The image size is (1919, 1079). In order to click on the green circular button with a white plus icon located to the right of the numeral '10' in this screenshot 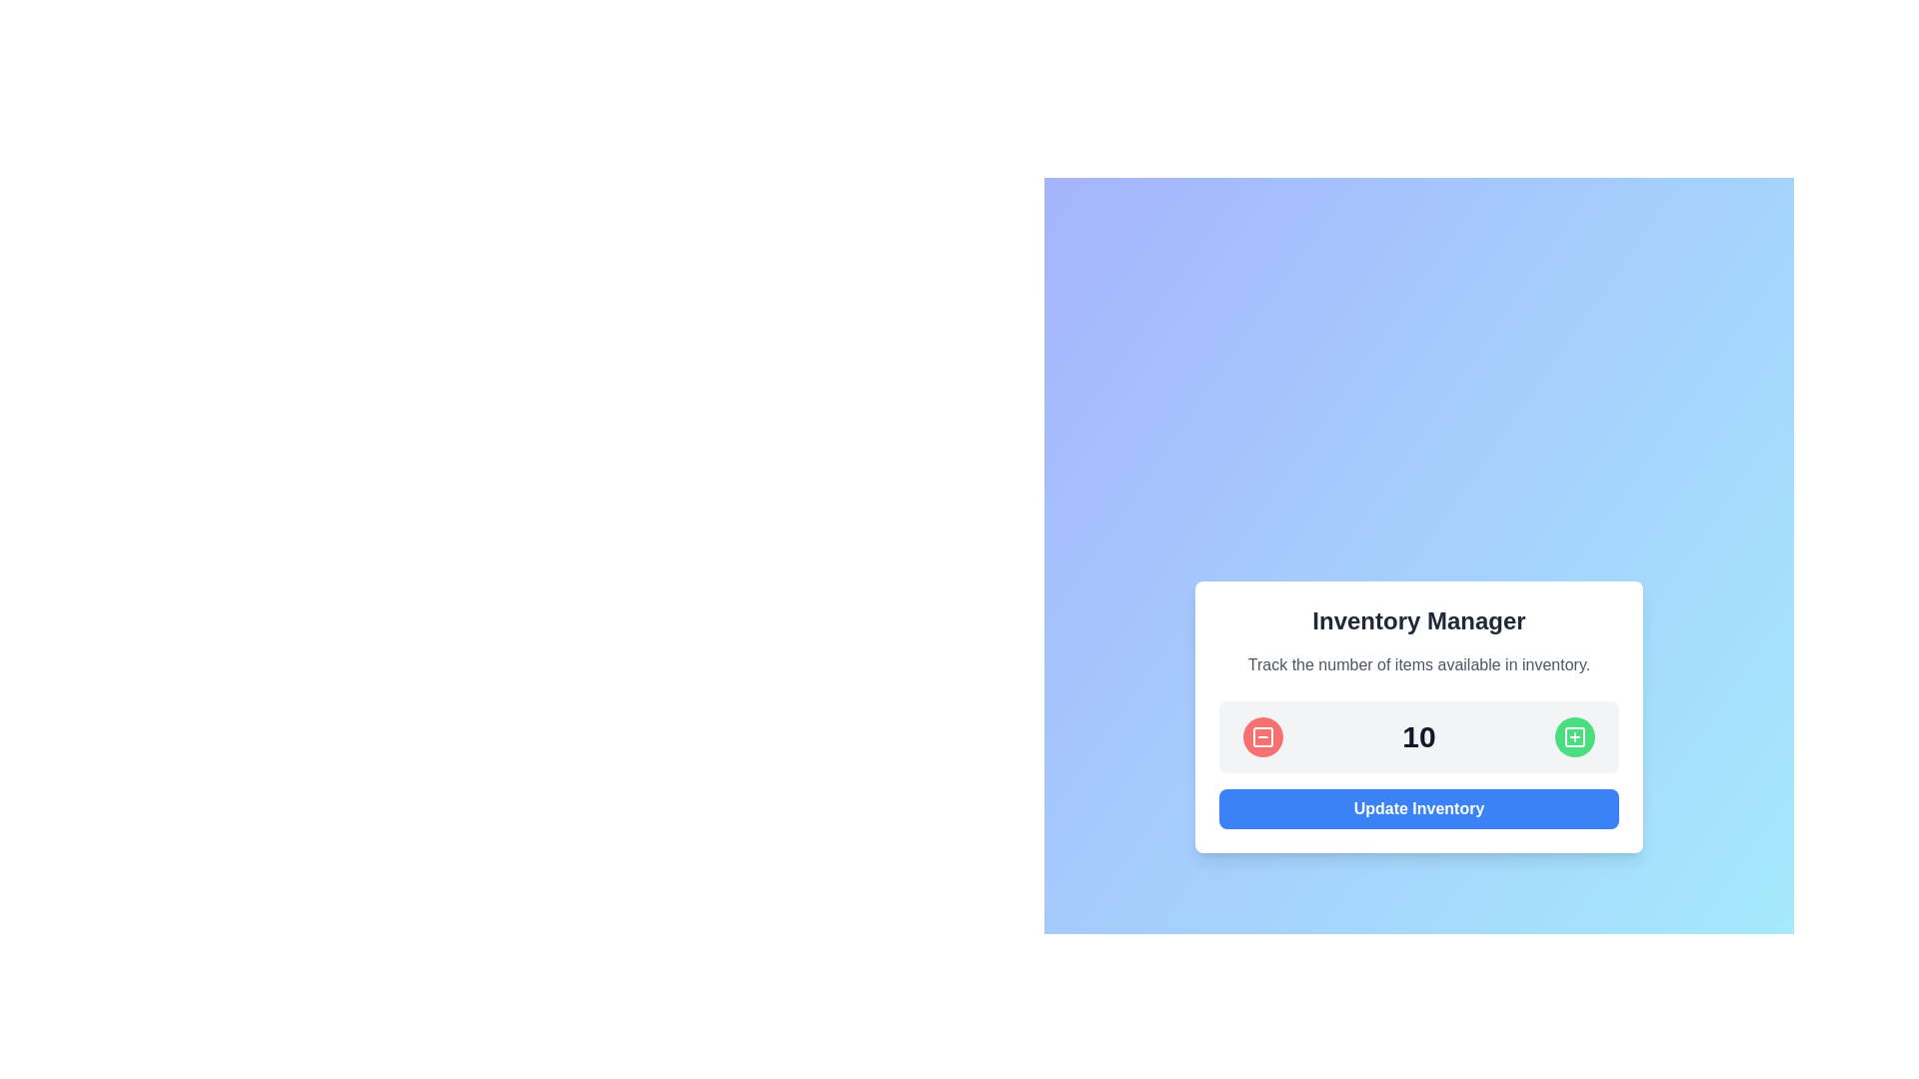, I will do `click(1573, 736)`.